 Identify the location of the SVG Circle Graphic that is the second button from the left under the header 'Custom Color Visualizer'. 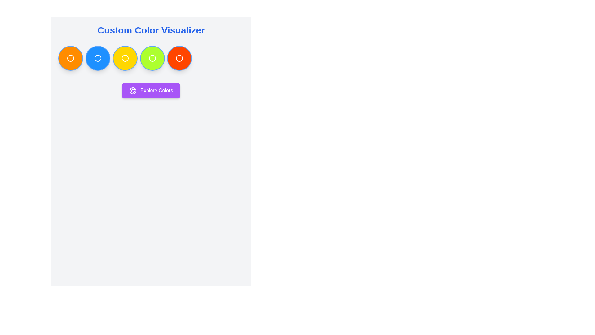
(97, 58).